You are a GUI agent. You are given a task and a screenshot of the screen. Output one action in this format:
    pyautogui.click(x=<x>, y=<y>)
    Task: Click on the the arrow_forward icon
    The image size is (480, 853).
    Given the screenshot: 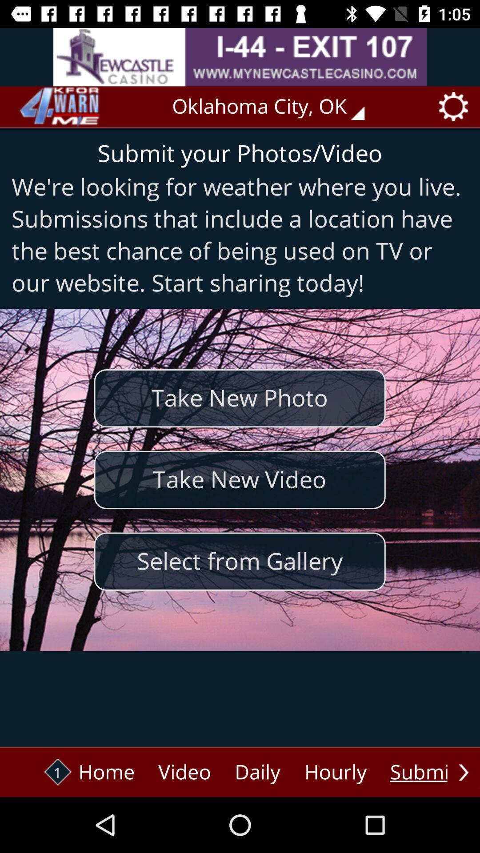 What is the action you would take?
    pyautogui.click(x=463, y=772)
    